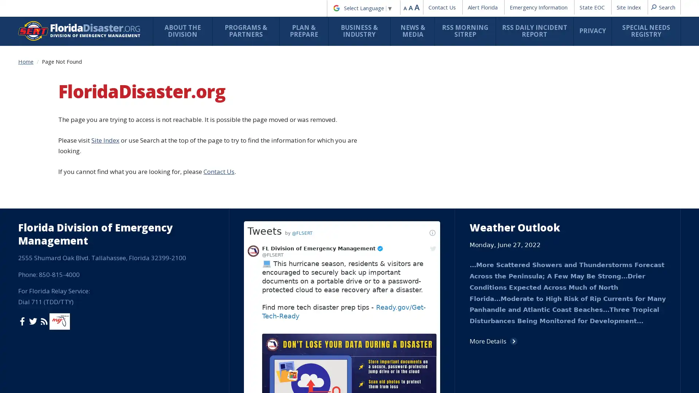  Describe the element at coordinates (345, 146) in the screenshot. I see `Toggle More` at that location.